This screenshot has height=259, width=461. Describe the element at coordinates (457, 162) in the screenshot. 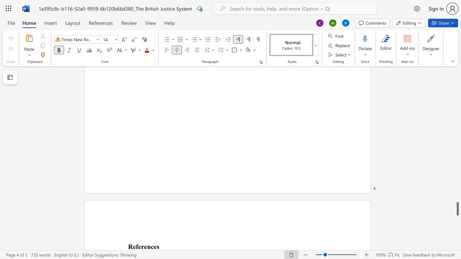

I see `the scrollbar on the right` at that location.